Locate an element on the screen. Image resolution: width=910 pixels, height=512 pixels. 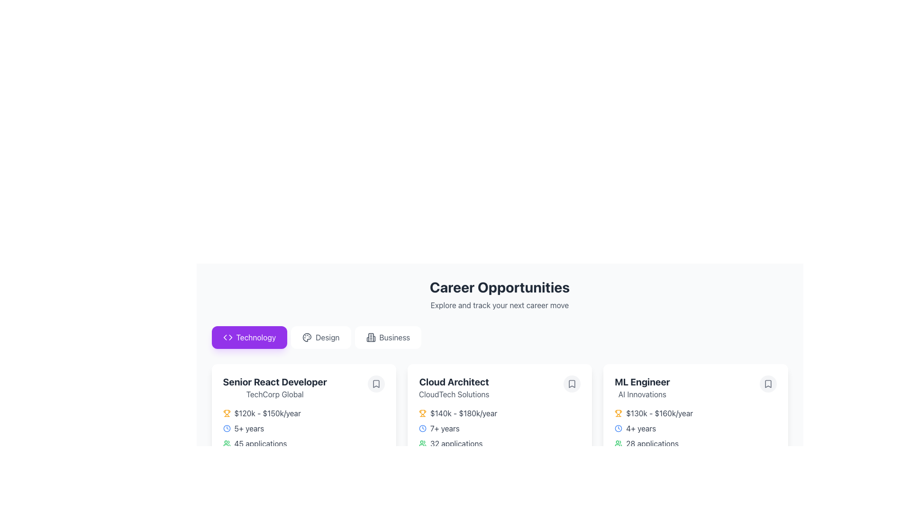
the 'Technology' text label, which is the leftmost tab in a horizontal group is located at coordinates (256, 337).